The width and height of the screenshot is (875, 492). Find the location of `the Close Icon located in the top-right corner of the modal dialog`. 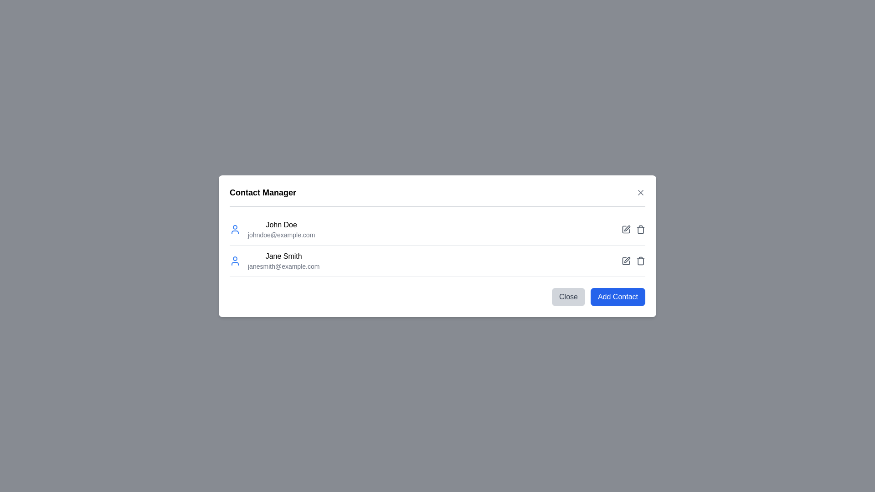

the Close Icon located in the top-right corner of the modal dialog is located at coordinates (640, 192).